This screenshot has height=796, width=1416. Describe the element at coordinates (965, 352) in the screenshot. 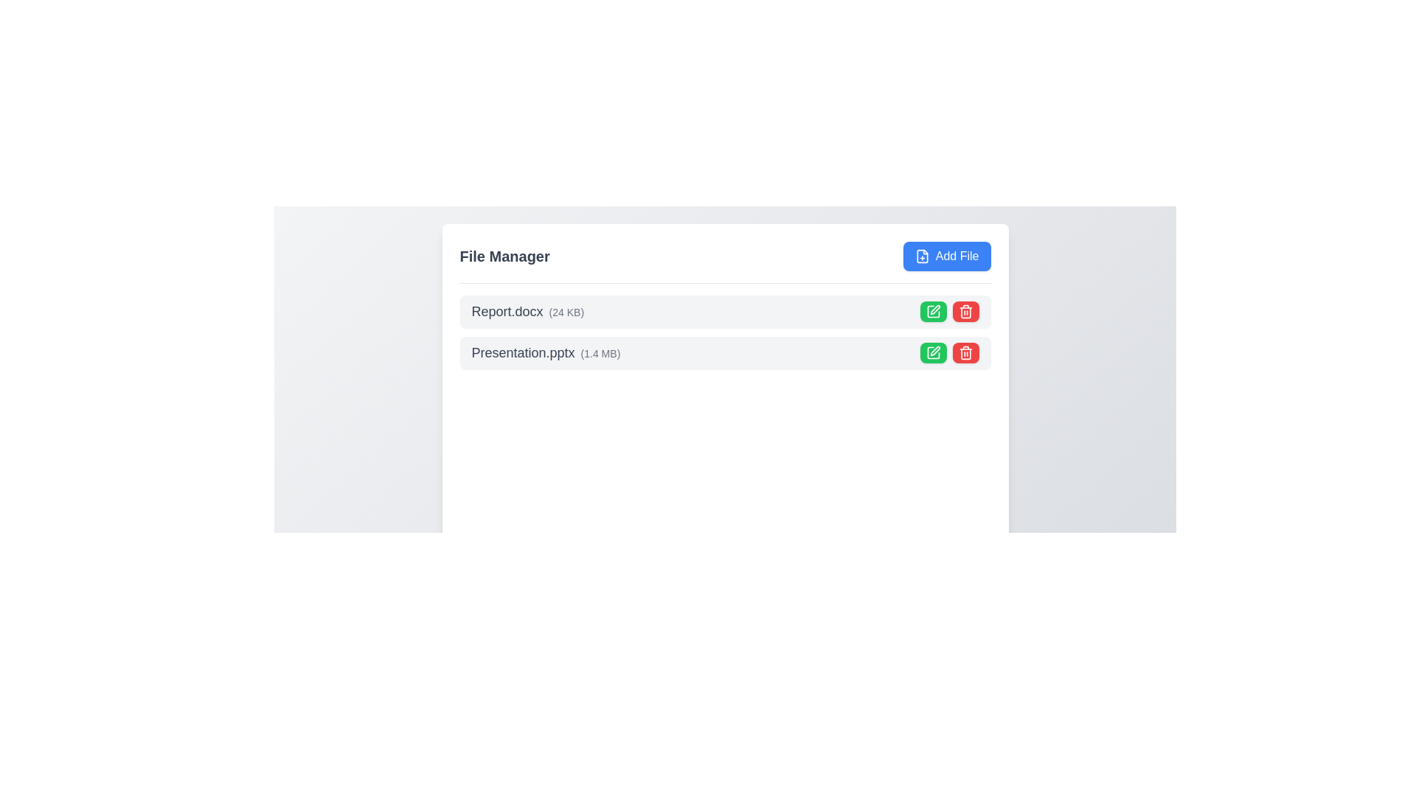

I see `the Delete button (red trashcan icon) located to the right of the second file entry ('Presentation.pptx')` at that location.